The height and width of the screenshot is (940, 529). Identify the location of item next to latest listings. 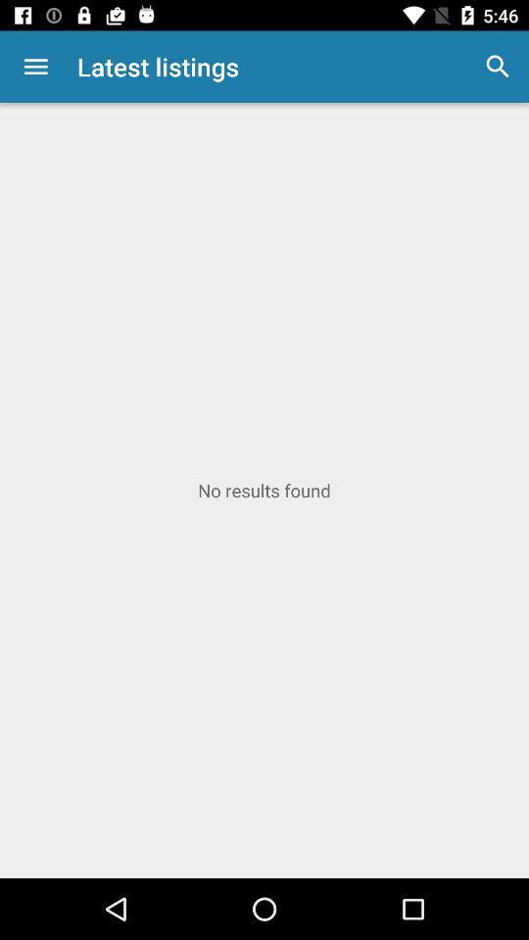
(498, 67).